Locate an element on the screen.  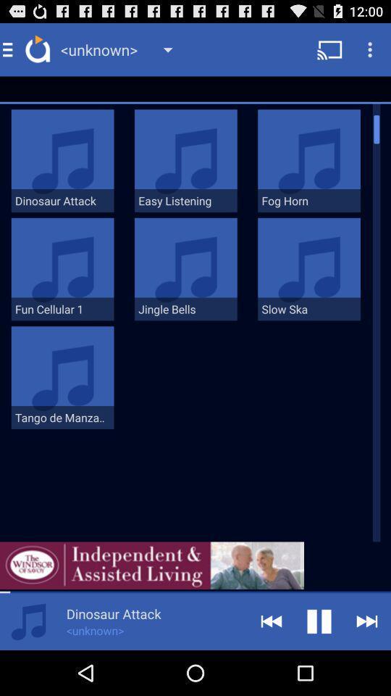
music is located at coordinates (28, 621).